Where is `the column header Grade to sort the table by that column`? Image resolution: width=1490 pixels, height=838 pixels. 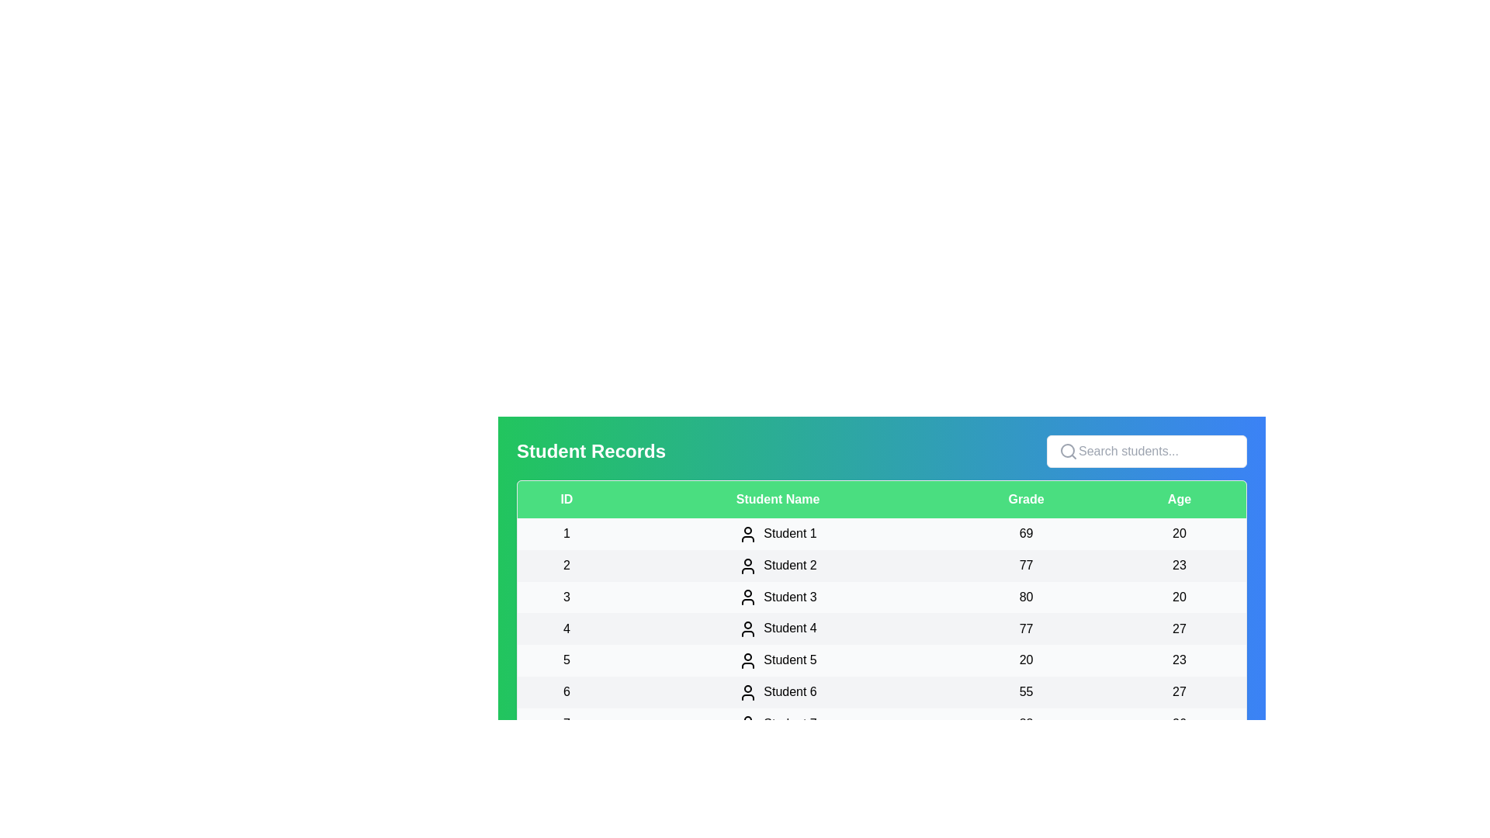 the column header Grade to sort the table by that column is located at coordinates (1025, 500).